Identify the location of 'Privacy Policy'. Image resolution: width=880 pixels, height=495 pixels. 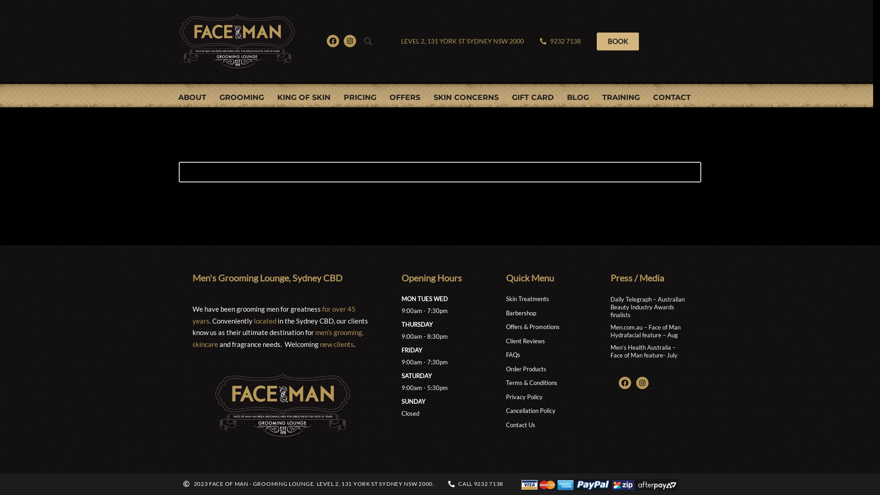
(544, 397).